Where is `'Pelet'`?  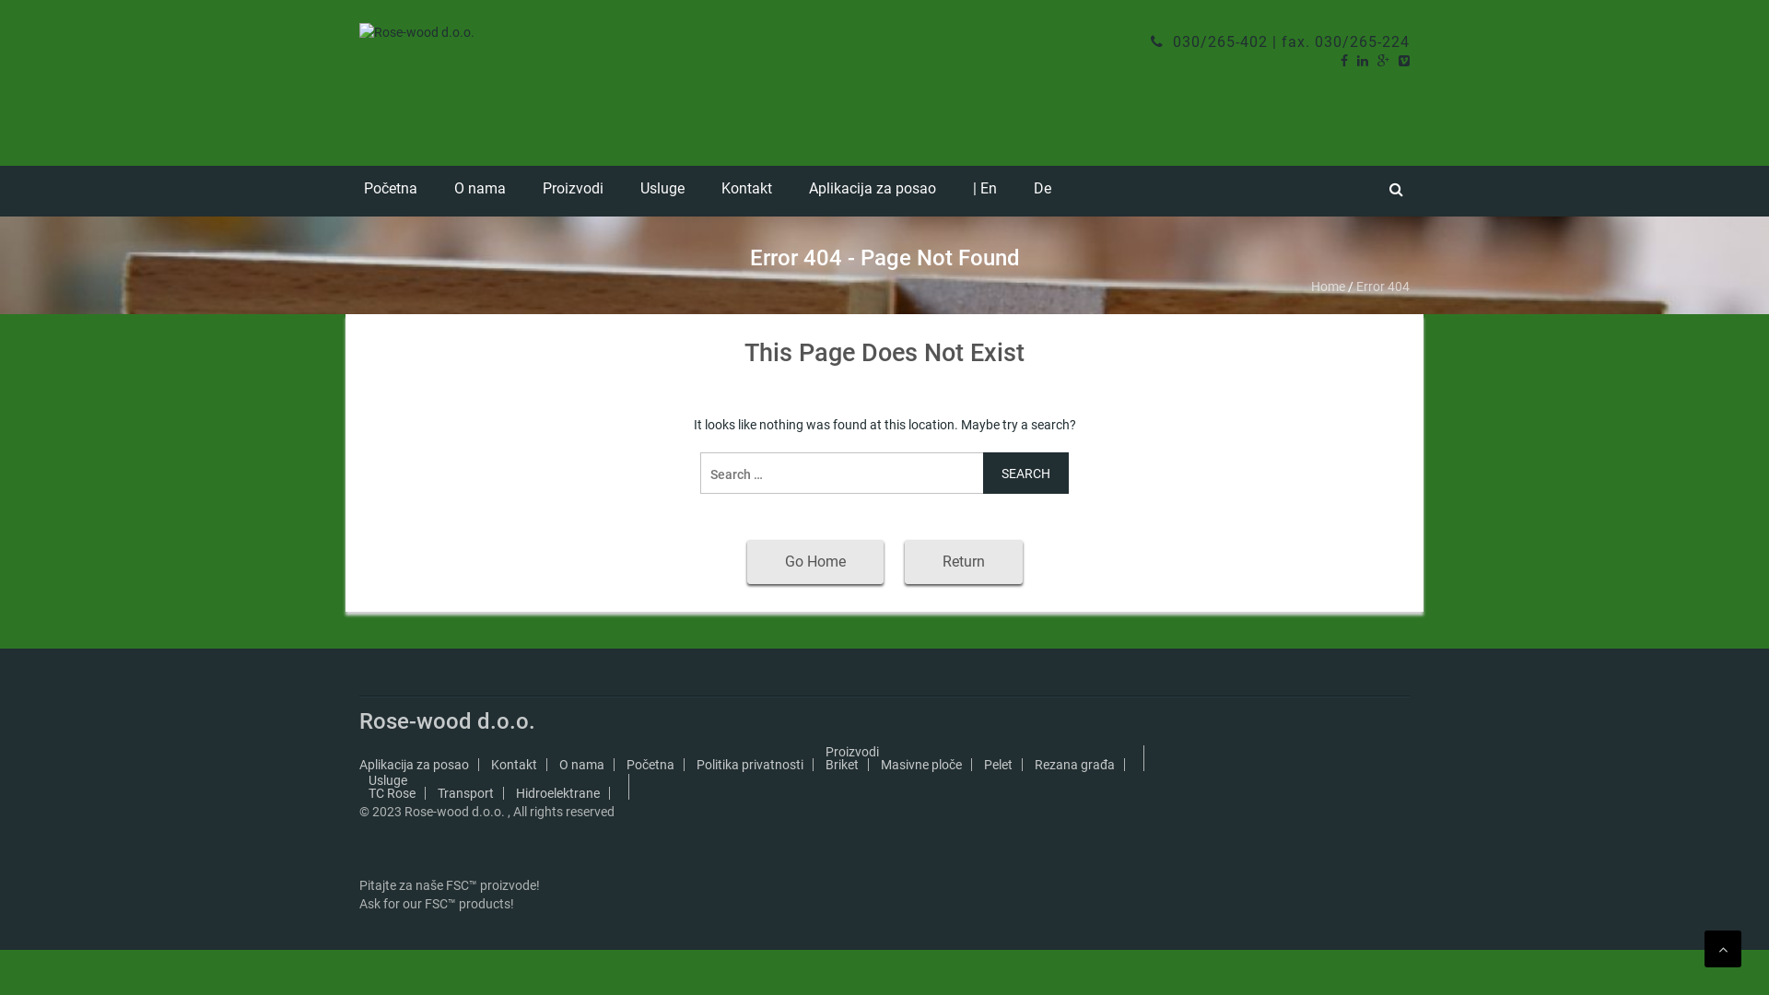 'Pelet' is located at coordinates (997, 764).